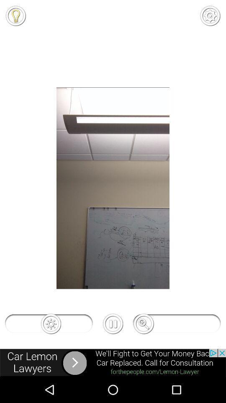  I want to click on flash, so click(15, 15).